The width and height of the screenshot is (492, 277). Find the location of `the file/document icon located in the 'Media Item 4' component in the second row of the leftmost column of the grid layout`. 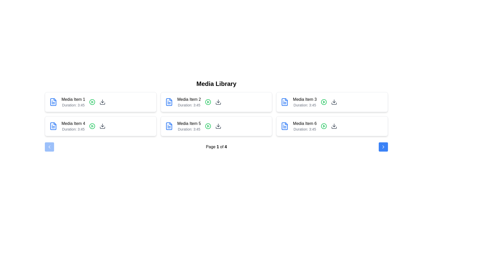

the file/document icon located in the 'Media Item 4' component in the second row of the leftmost column of the grid layout is located at coordinates (53, 126).